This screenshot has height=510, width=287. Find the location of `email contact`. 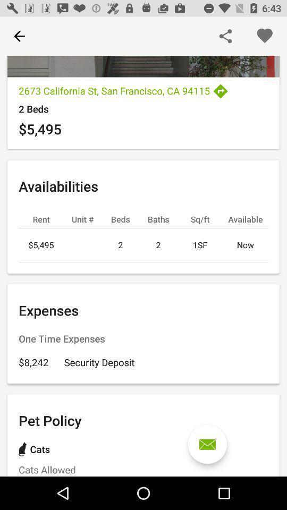

email contact is located at coordinates (207, 444).